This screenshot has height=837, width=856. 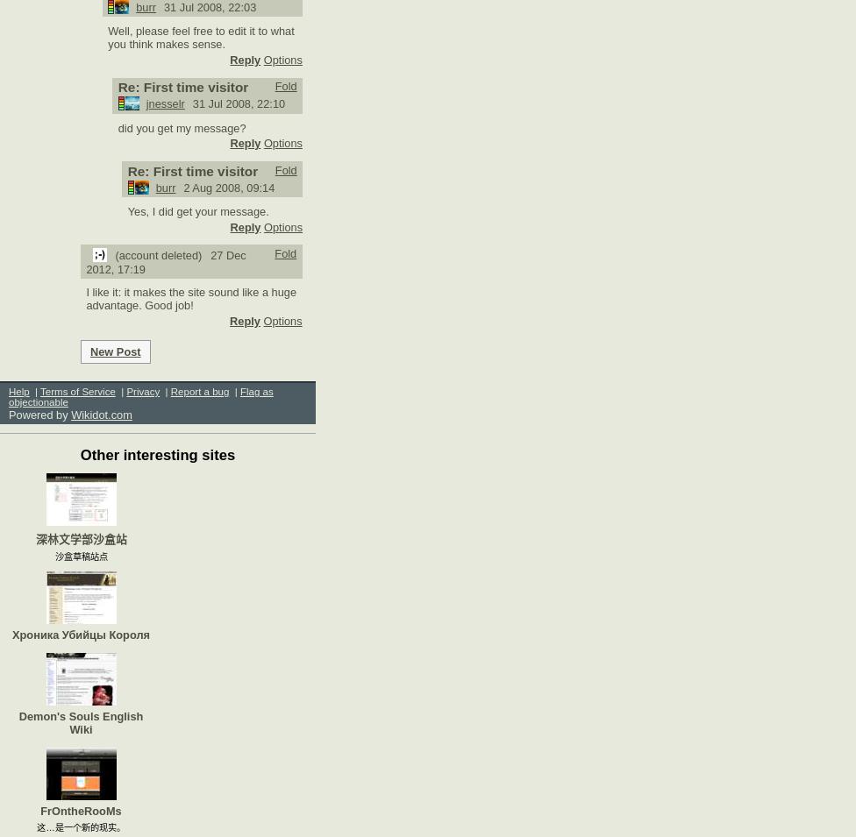 What do you see at coordinates (157, 255) in the screenshot?
I see `'(account deleted)'` at bounding box center [157, 255].